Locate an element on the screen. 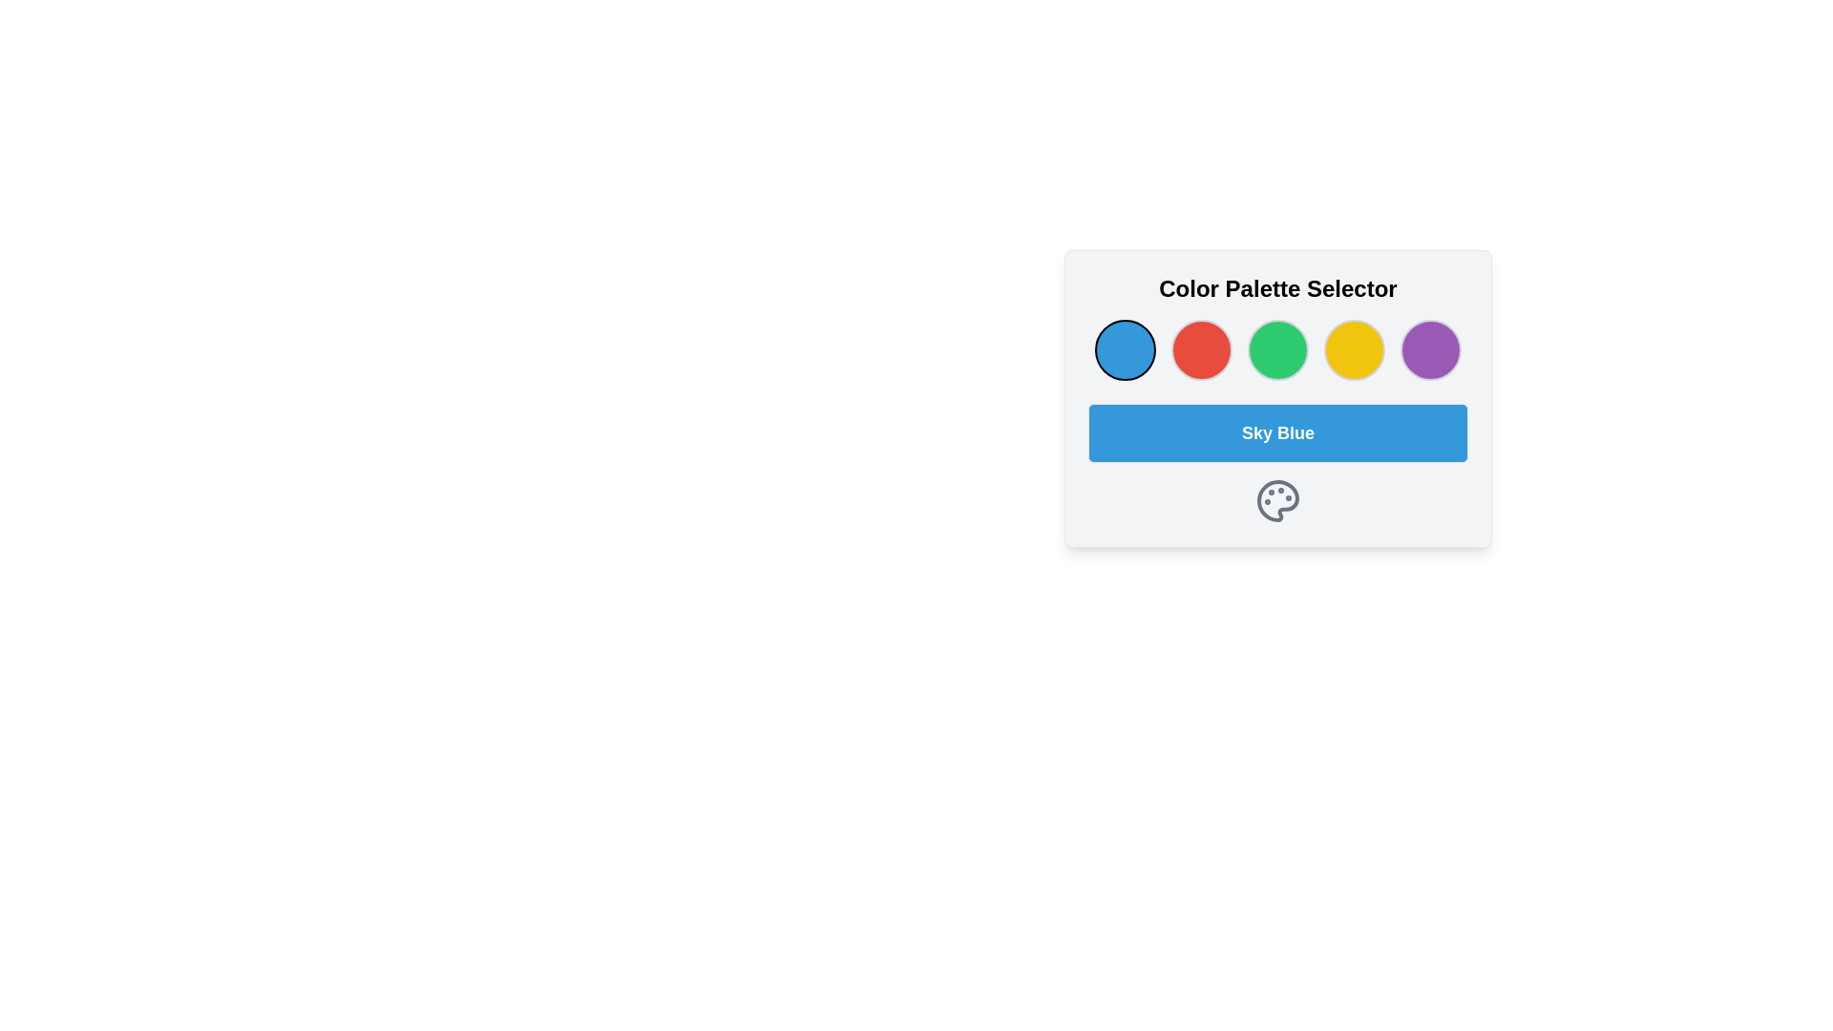 This screenshot has height=1031, width=1833. the fifth circular button in the 'Color Palette Selector' component is located at coordinates (1430, 349).